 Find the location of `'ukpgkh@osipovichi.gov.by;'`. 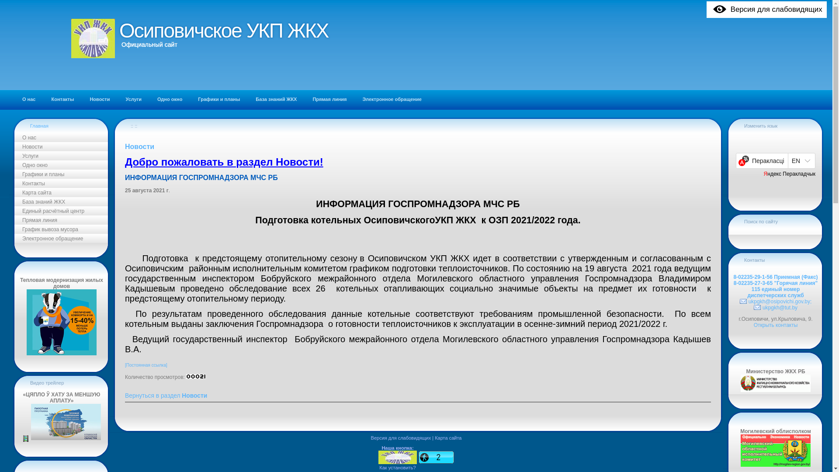

'ukpgkh@osipovichi.gov.by;' is located at coordinates (776, 301).